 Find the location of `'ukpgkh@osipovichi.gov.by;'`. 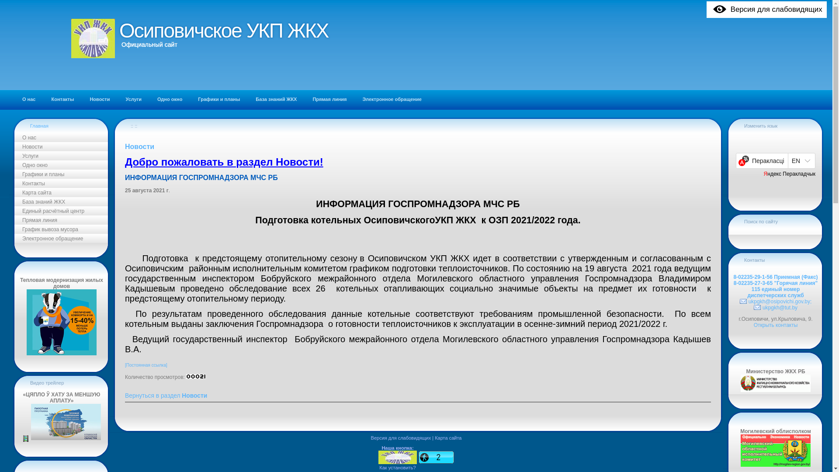

'ukpgkh@osipovichi.gov.by;' is located at coordinates (776, 301).